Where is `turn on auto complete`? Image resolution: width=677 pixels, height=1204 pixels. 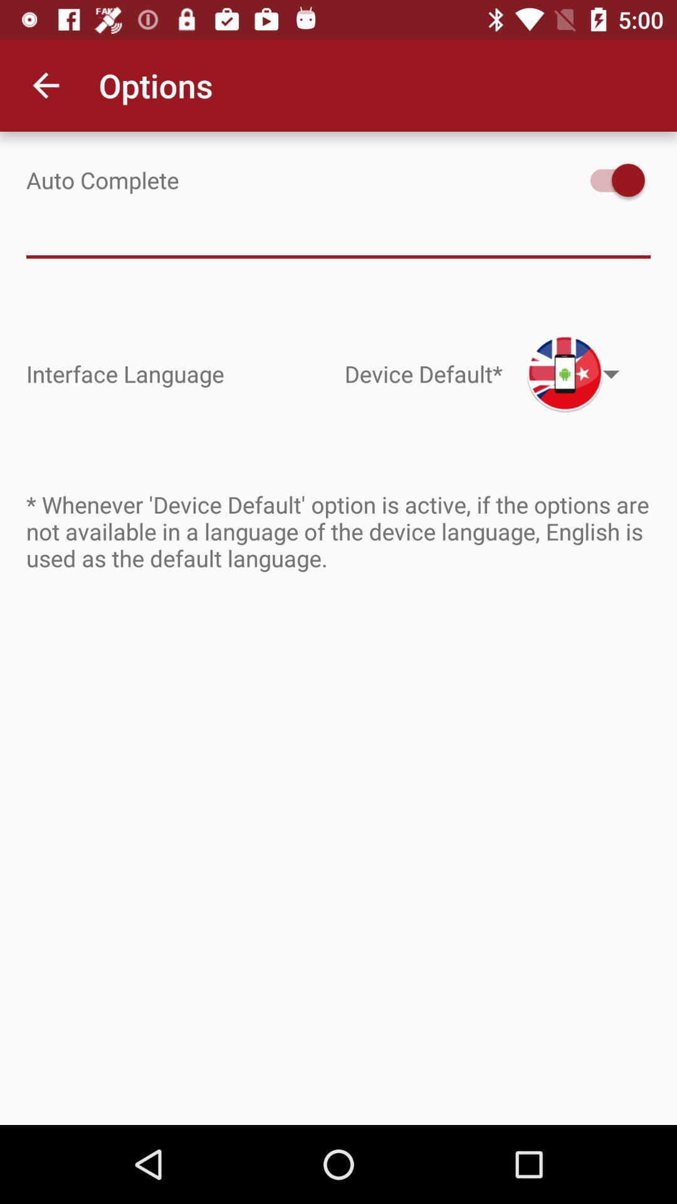
turn on auto complete is located at coordinates (611, 179).